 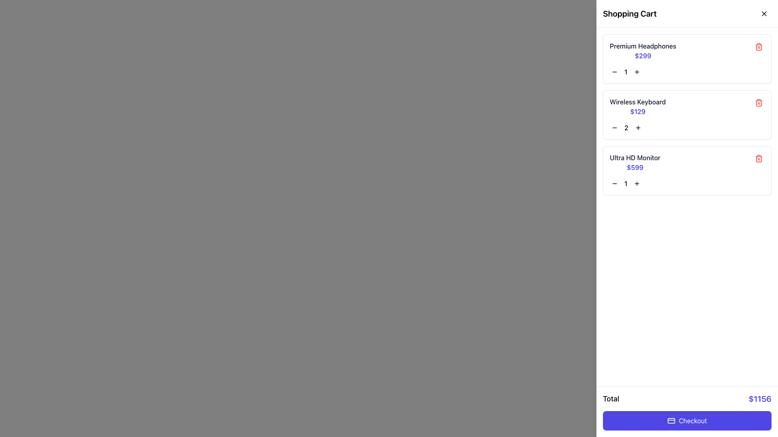 I want to click on the price label displaying "$599" which is styled in bold indigo and located beneath the "Ultra HD Monitor" label in the shopping cart, so click(x=635, y=167).